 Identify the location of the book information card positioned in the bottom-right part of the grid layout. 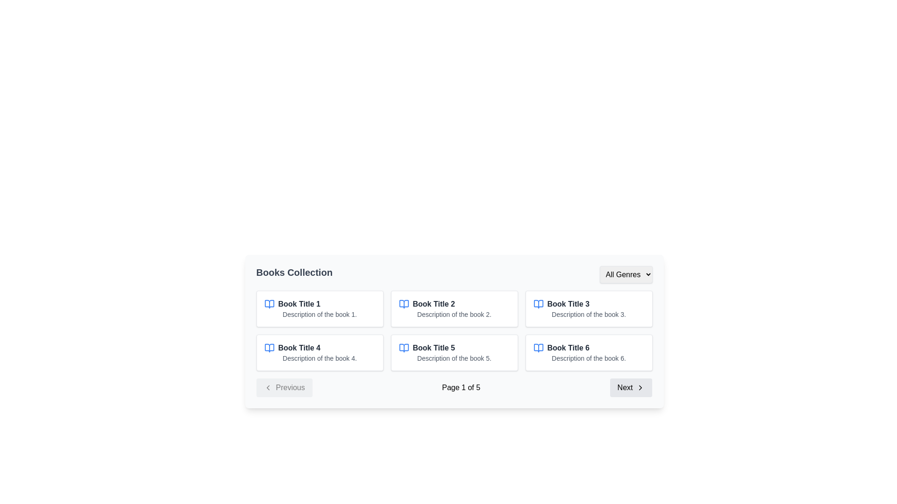
(588, 353).